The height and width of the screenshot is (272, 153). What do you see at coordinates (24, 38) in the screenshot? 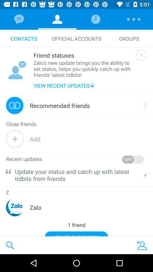
I see `the icon to the left of official accounts item` at bounding box center [24, 38].